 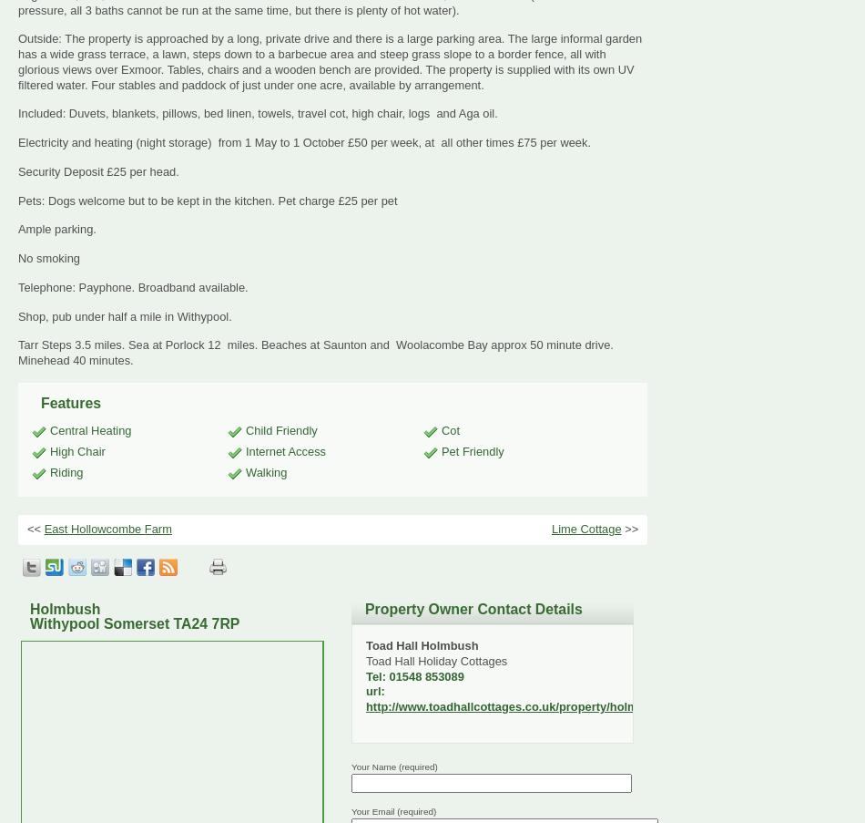 I want to click on 'Riding', so click(x=50, y=471).